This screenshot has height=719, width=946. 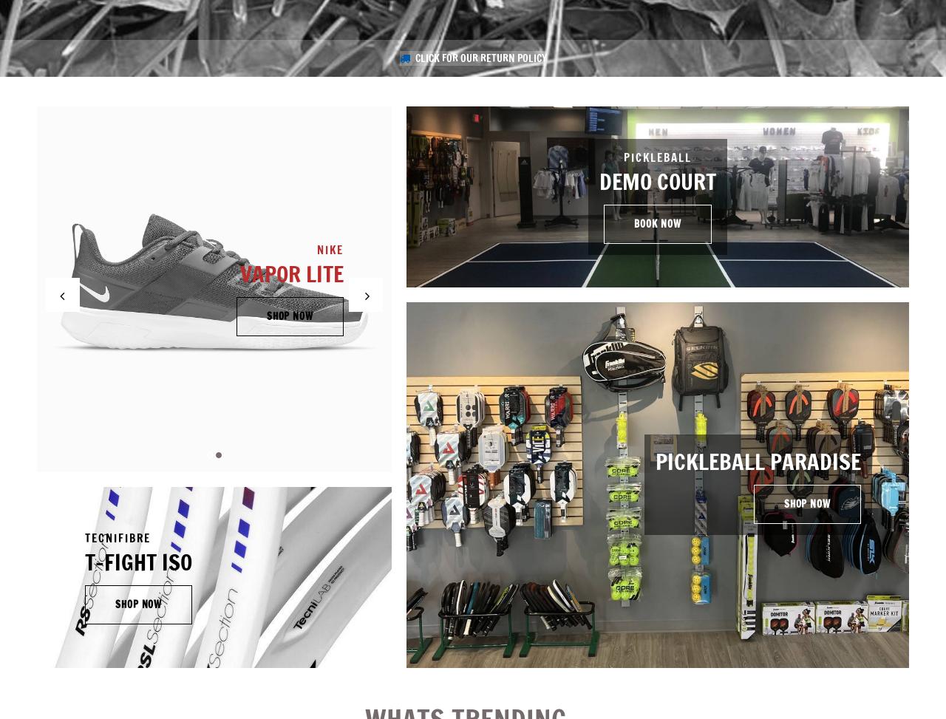 I want to click on 'DEMO COURT', so click(x=656, y=180).